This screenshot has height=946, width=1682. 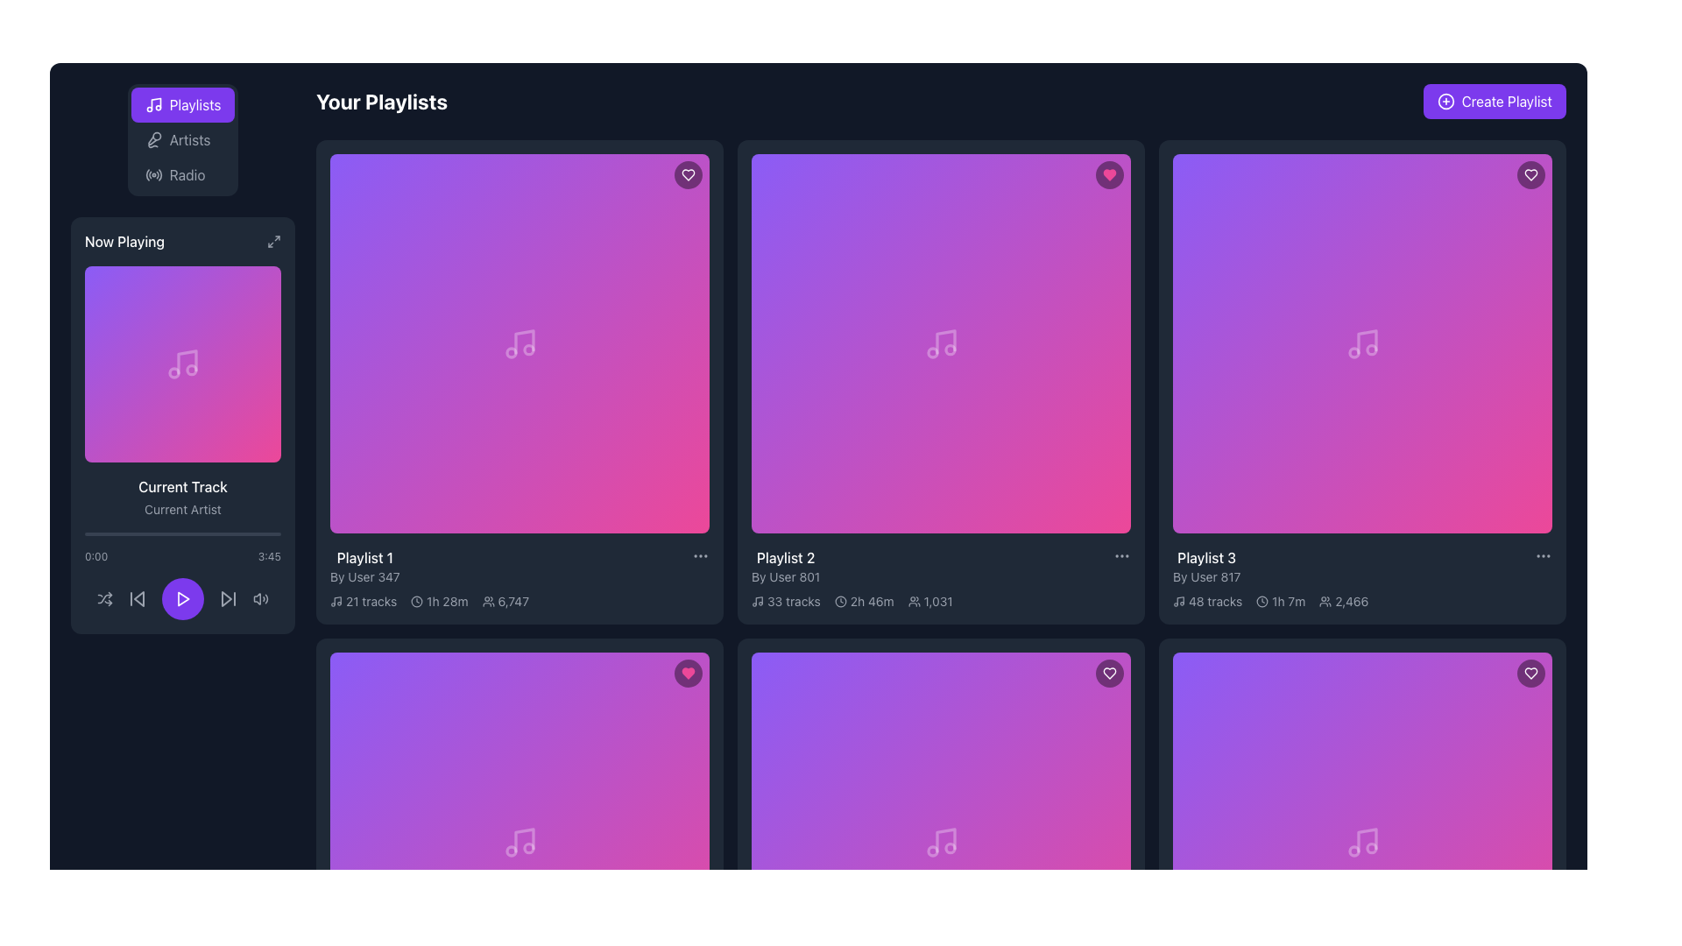 I want to click on the Play icon (SVG) located in the bottom right card of the playlist grid, so click(x=941, y=841).